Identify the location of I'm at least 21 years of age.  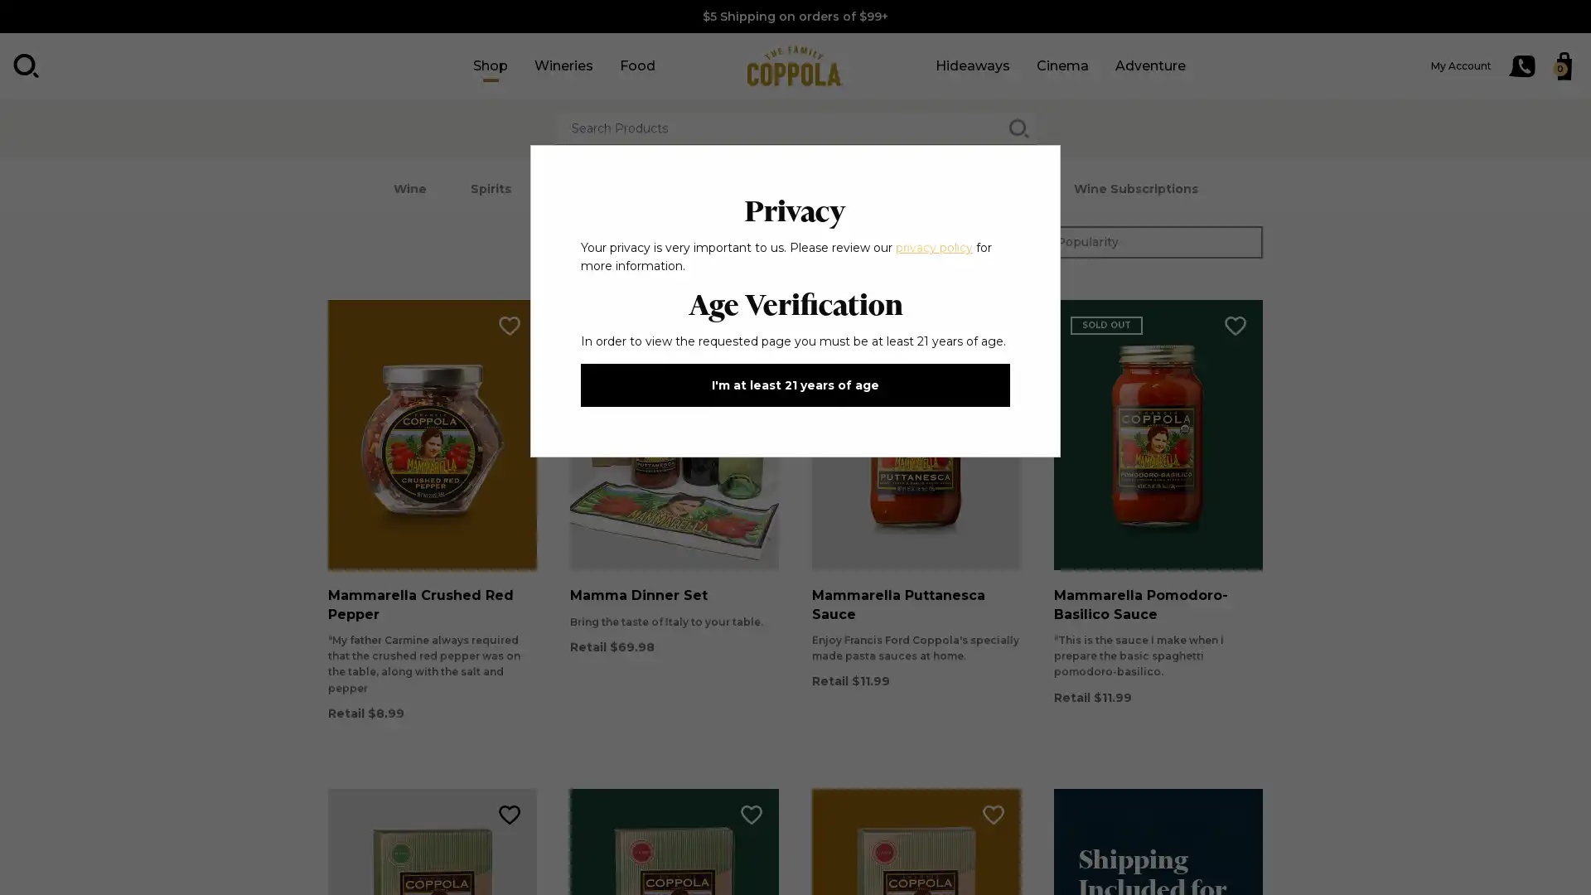
(795, 385).